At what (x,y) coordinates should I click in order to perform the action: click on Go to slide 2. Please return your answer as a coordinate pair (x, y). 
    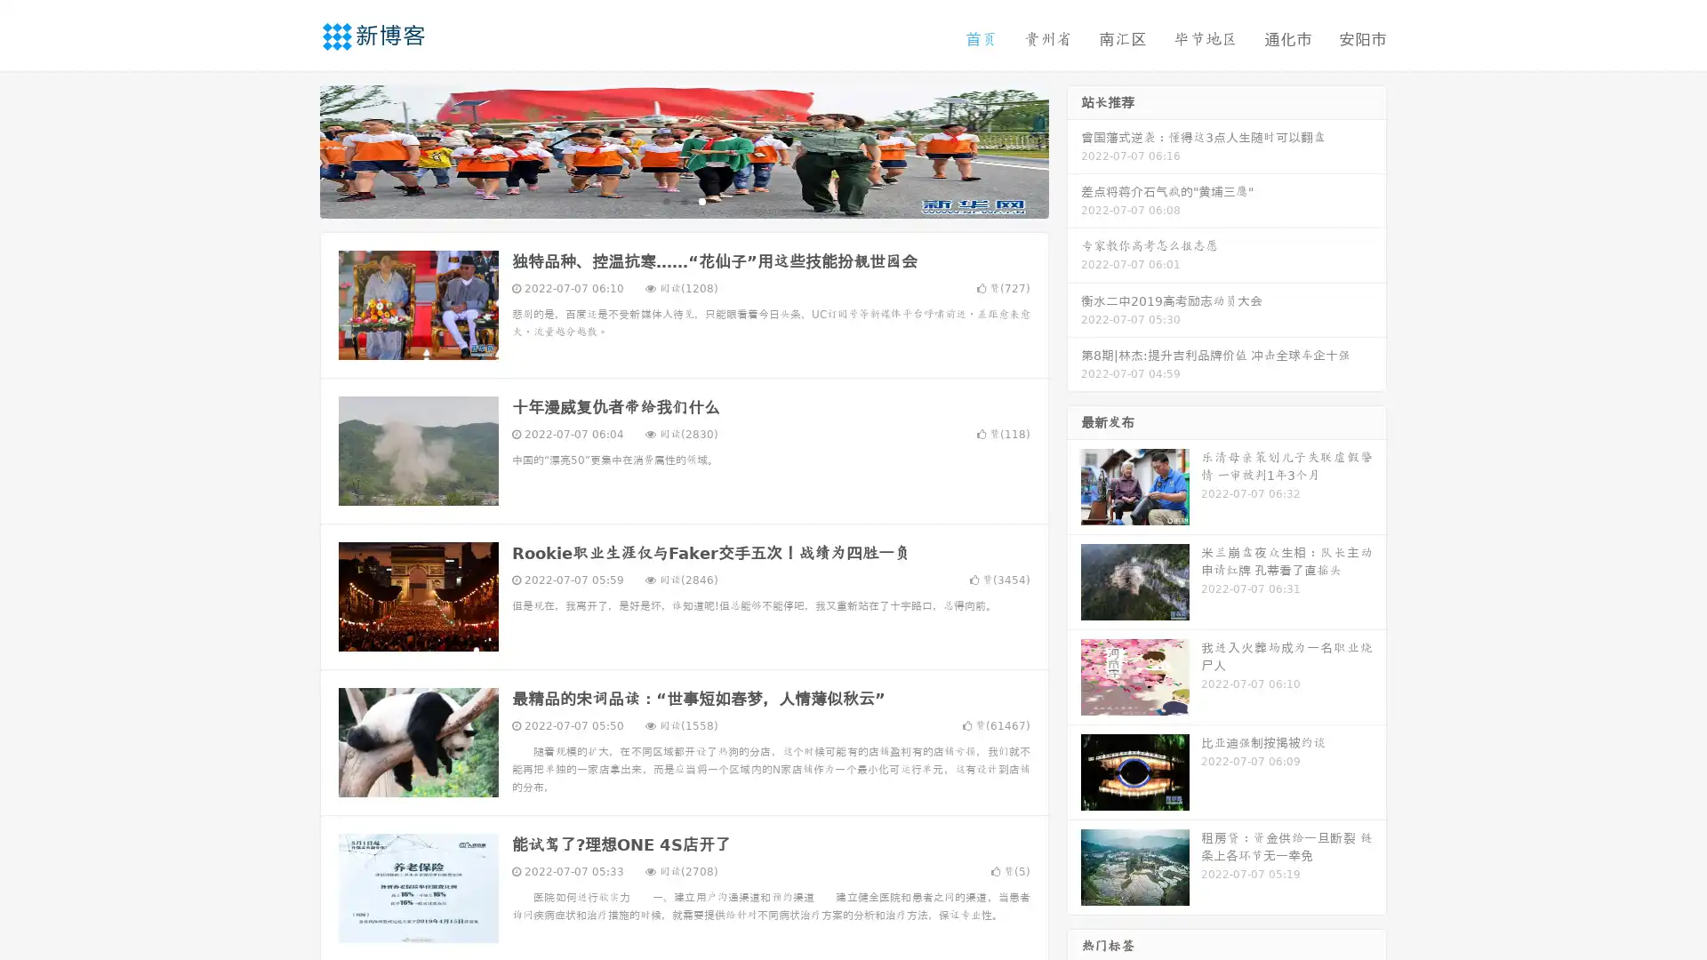
    Looking at the image, I should click on (683, 200).